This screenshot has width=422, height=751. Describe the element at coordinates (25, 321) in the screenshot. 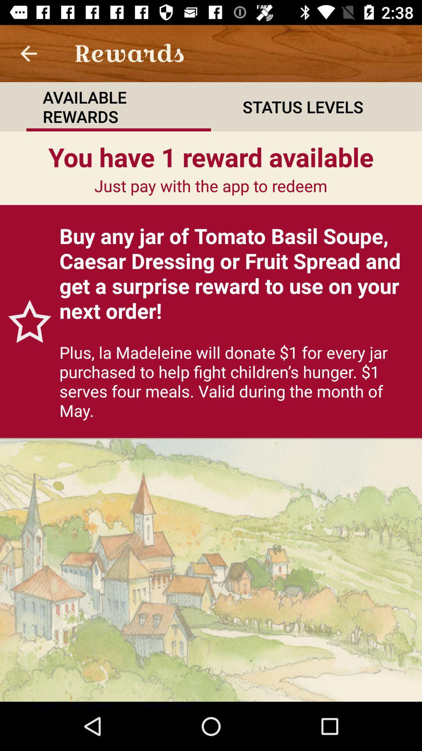

I see `icon below you have 1 item` at that location.